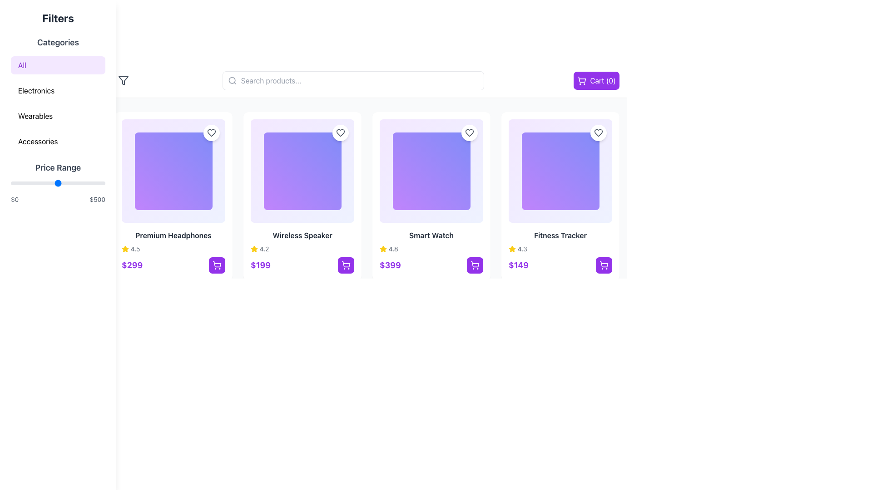  Describe the element at coordinates (596, 80) in the screenshot. I see `the prominent purple button with a white shopping cart icon and text 'Cart (0)' located at the far right of the navigation bar` at that location.